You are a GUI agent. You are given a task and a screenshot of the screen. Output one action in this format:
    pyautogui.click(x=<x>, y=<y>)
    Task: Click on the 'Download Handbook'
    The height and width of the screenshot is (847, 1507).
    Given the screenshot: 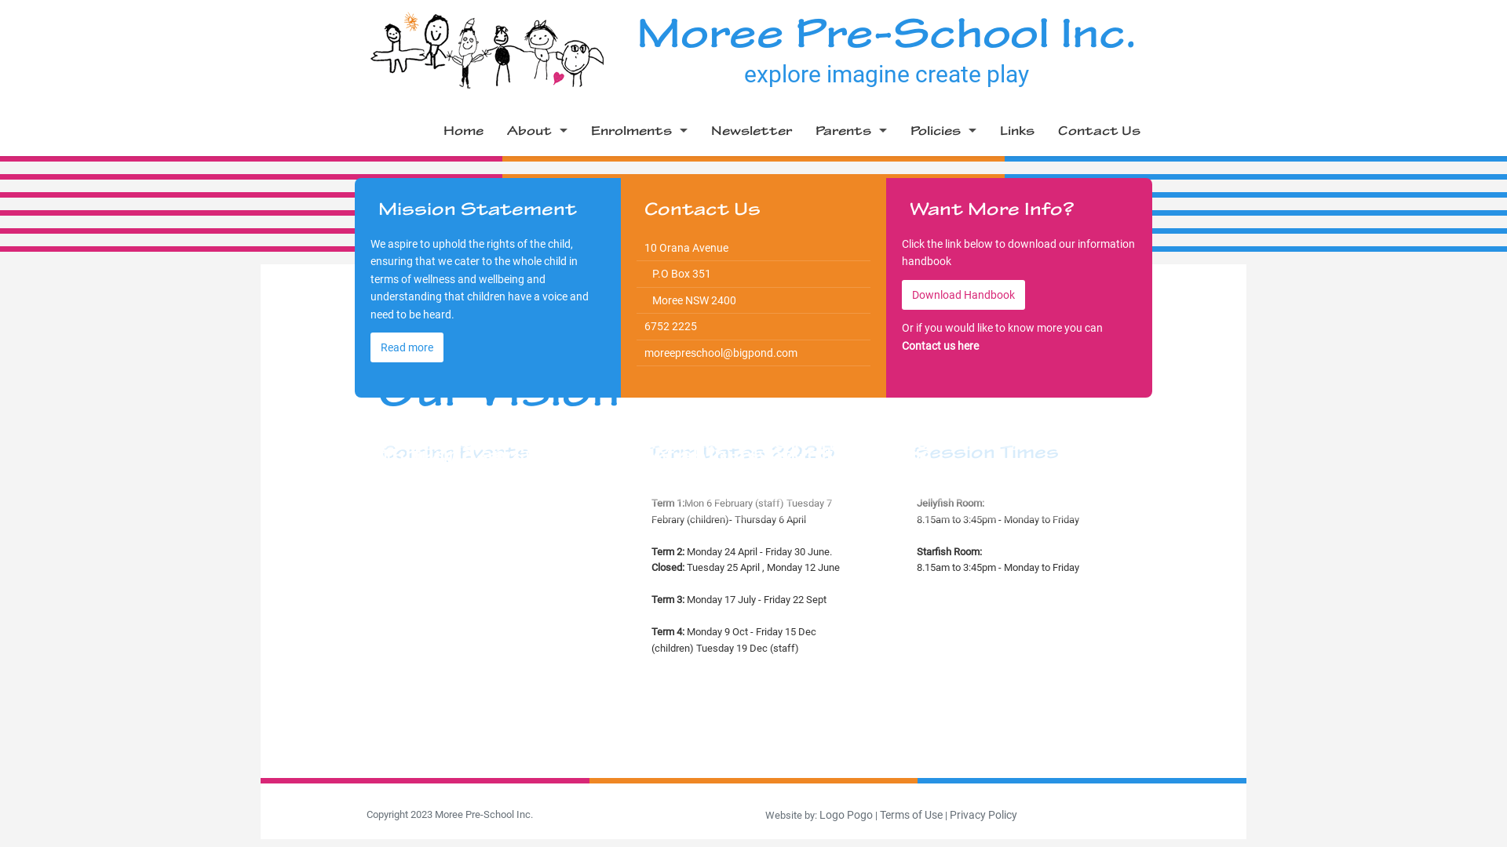 What is the action you would take?
    pyautogui.click(x=962, y=294)
    